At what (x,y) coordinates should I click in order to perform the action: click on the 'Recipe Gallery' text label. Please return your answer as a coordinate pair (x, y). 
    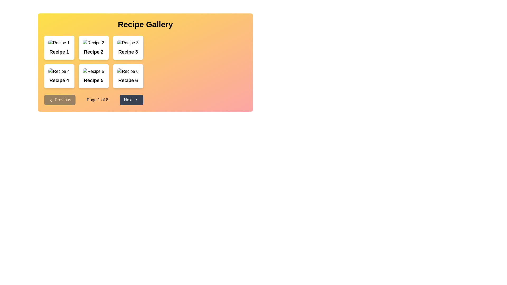
    Looking at the image, I should click on (145, 24).